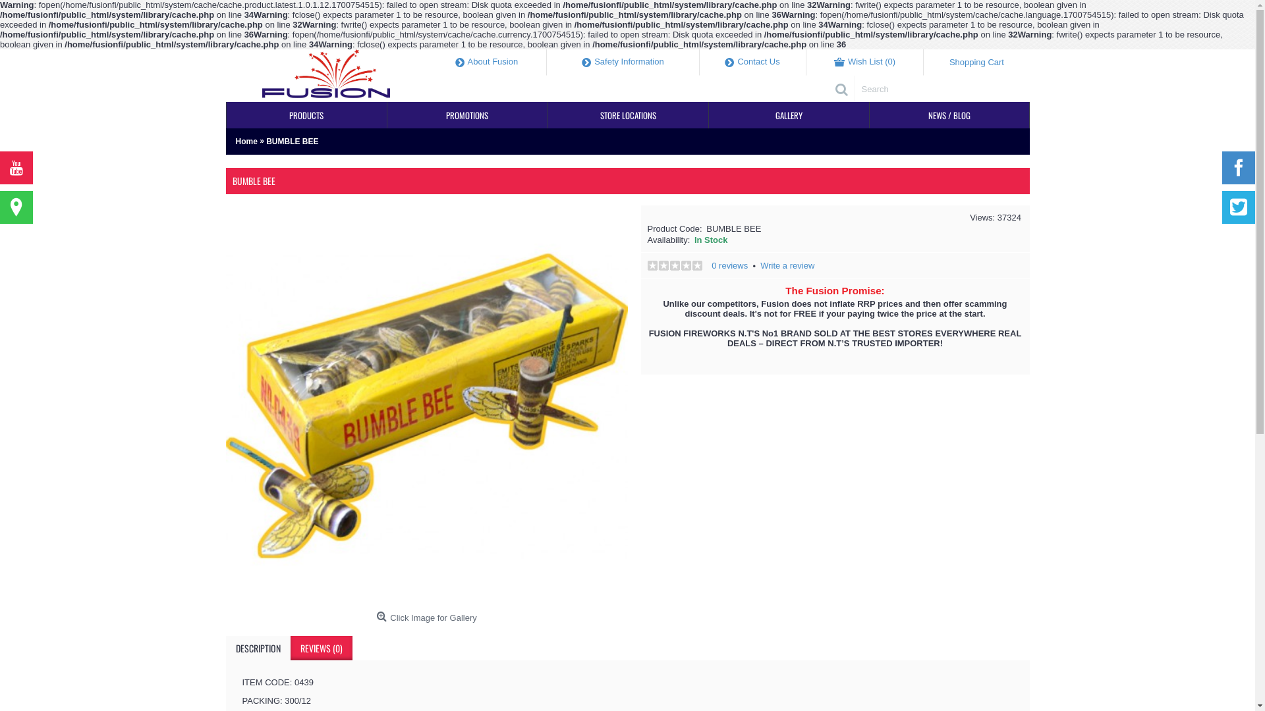  Describe the element at coordinates (976, 63) in the screenshot. I see `'Shopping Cart'` at that location.